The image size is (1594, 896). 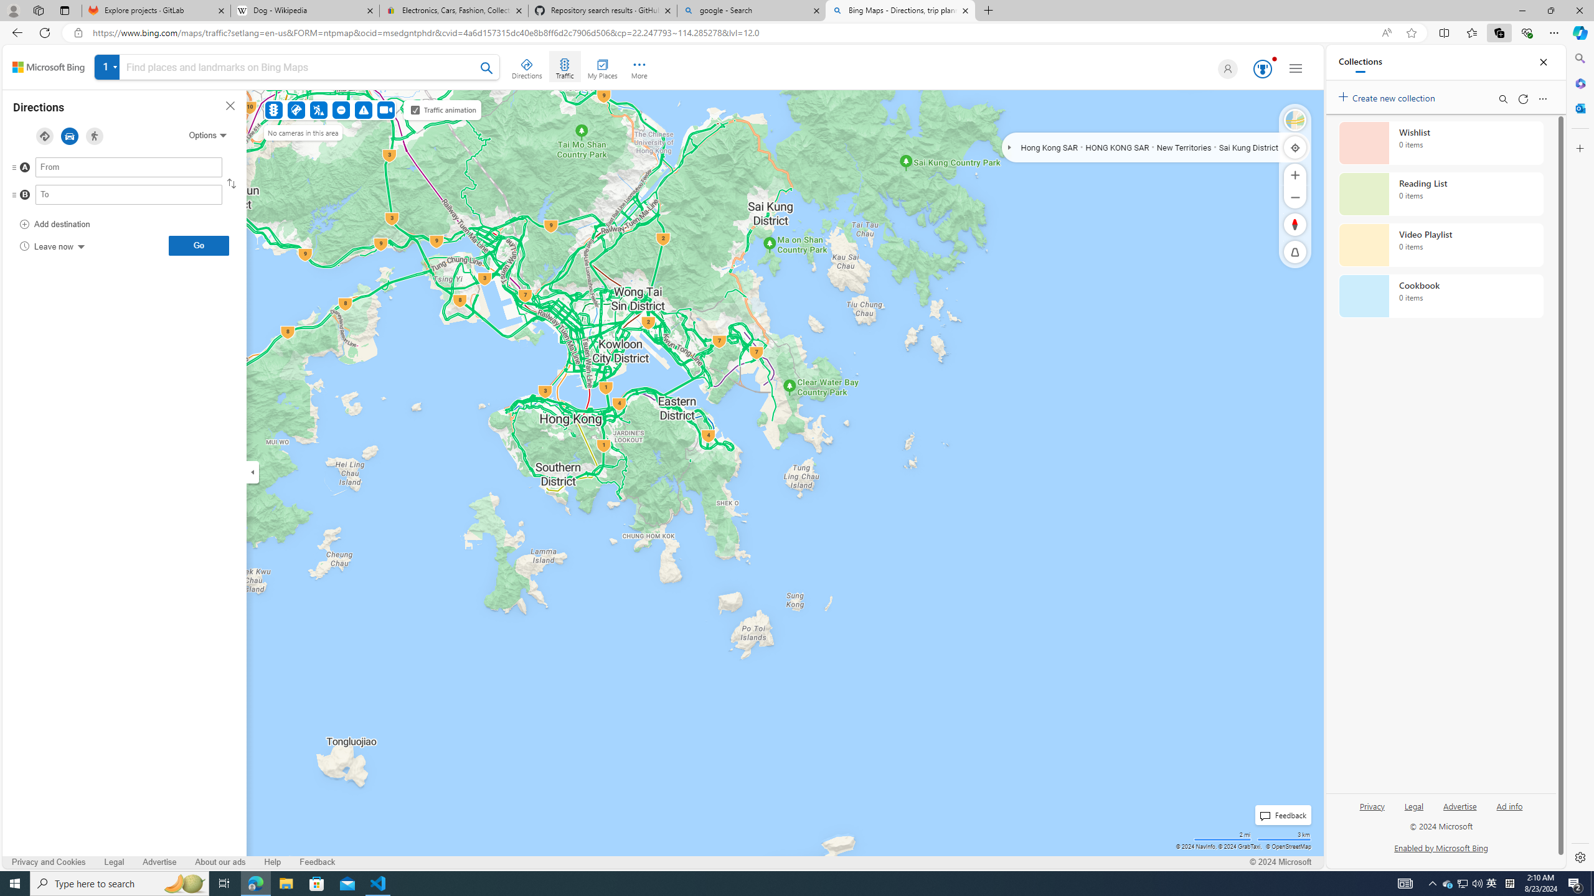 What do you see at coordinates (49, 862) in the screenshot?
I see `'Privacy and Cookies'` at bounding box center [49, 862].